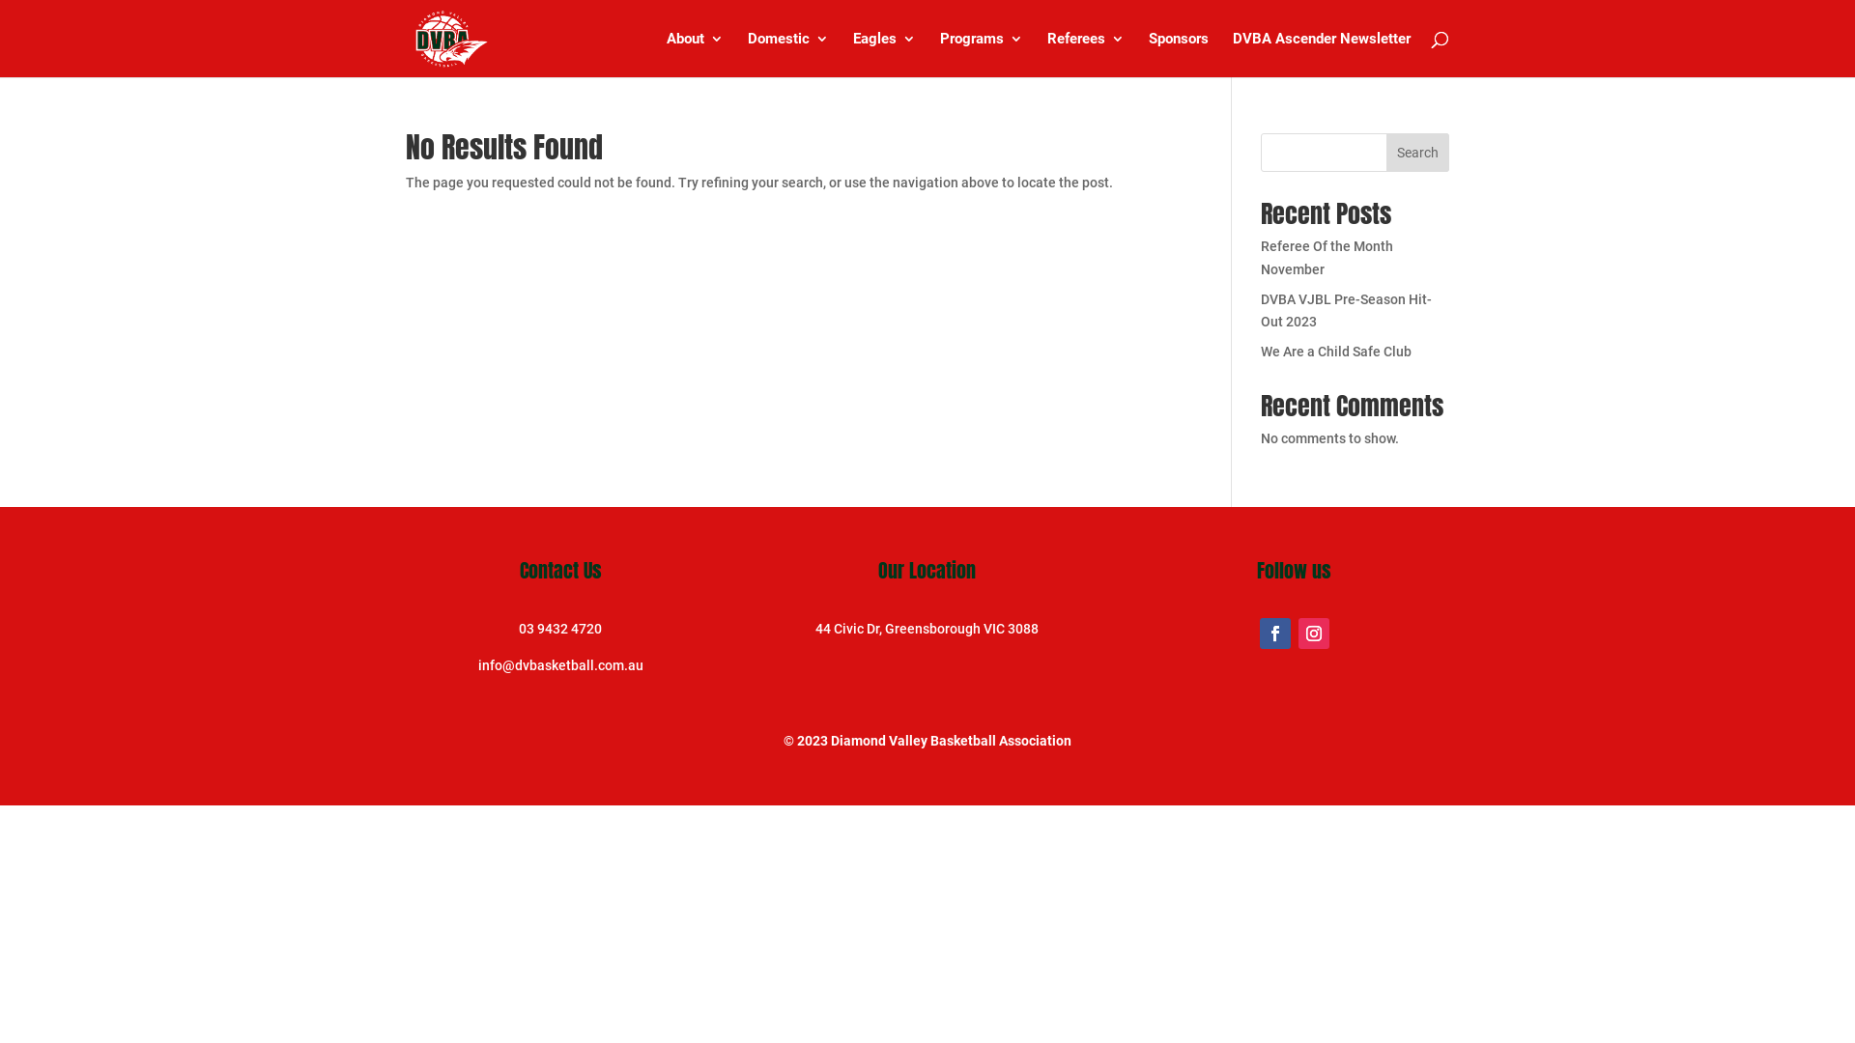  Describe the element at coordinates (695, 53) in the screenshot. I see `'About'` at that location.